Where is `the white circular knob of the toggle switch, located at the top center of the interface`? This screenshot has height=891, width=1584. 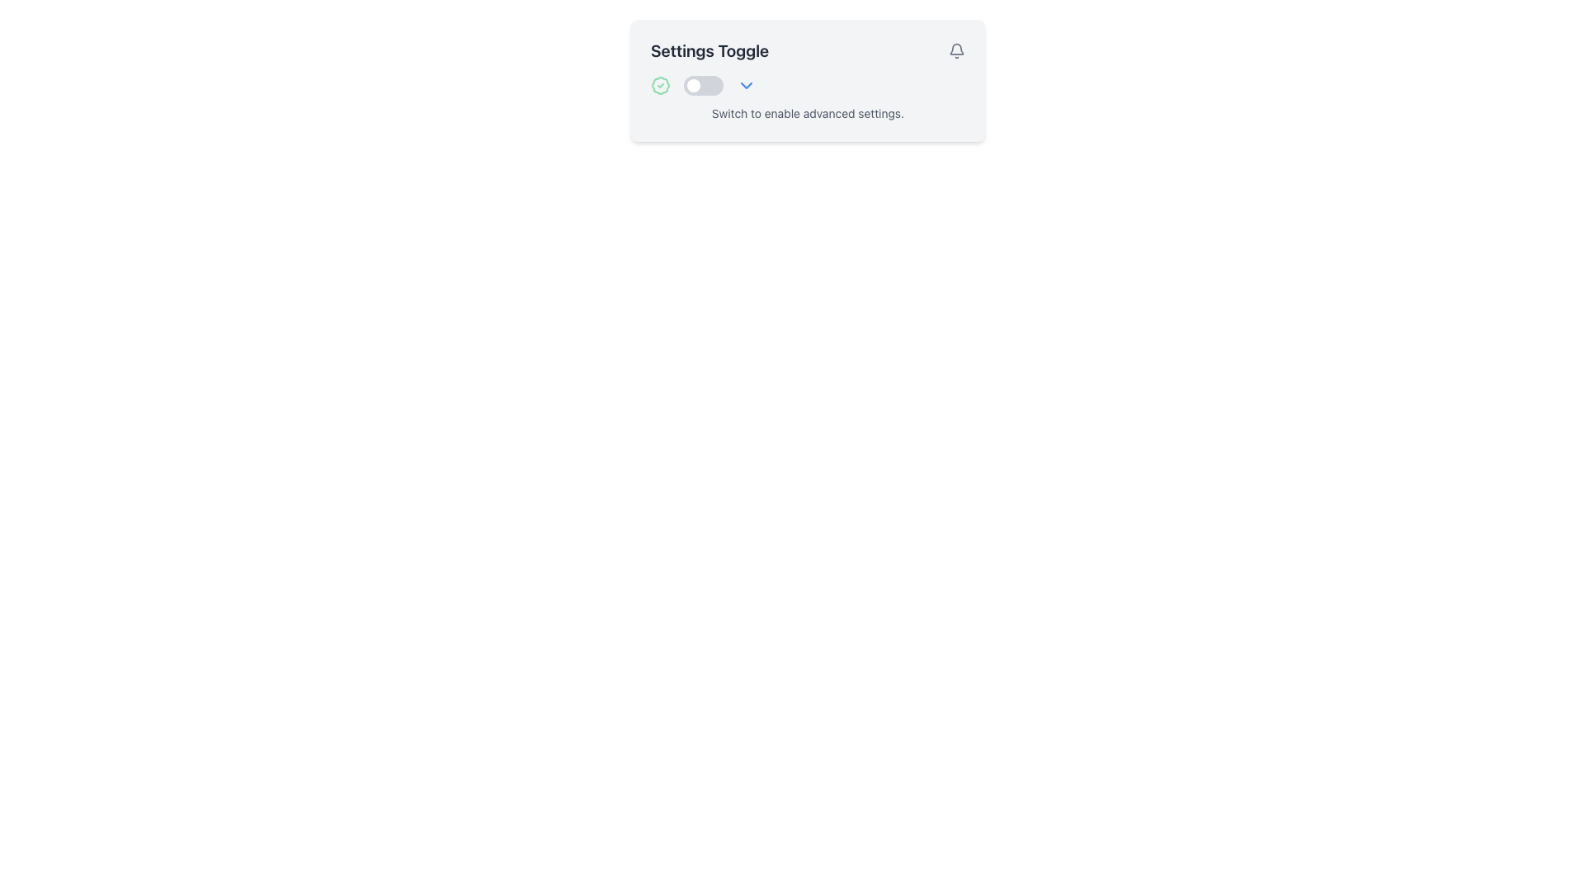 the white circular knob of the toggle switch, located at the top center of the interface is located at coordinates (704, 86).